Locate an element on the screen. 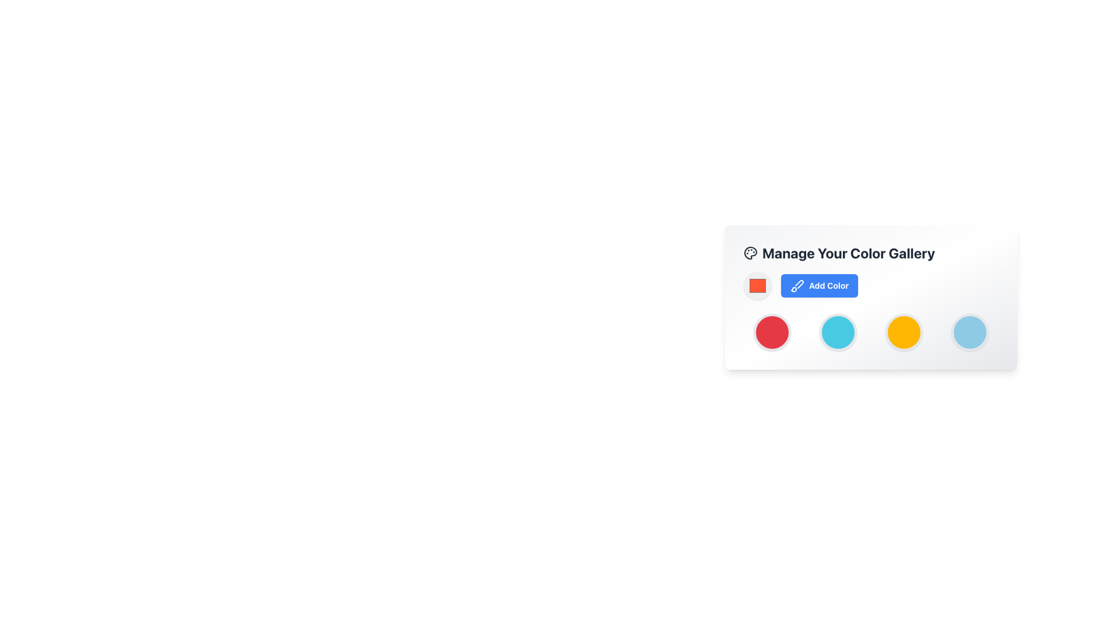 This screenshot has height=630, width=1120. the Color picker button, which is the leftmost button in a horizontal arrangement and allows users to select or confirm colors is located at coordinates (758, 285).